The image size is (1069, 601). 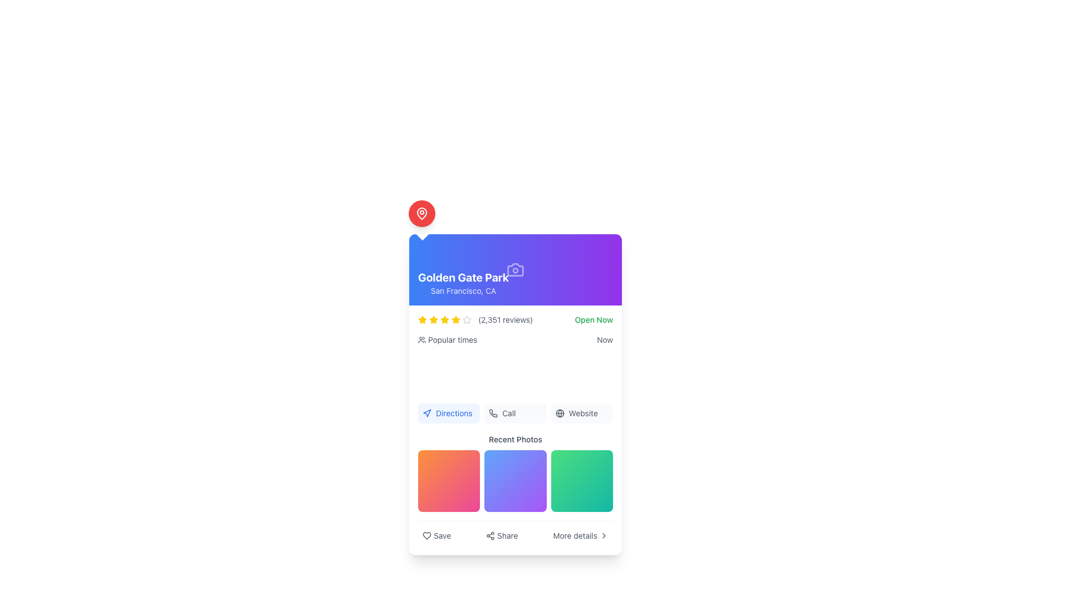 What do you see at coordinates (463, 277) in the screenshot?
I see `the Text label that serves as the title or identifier of the location, positioned at the top of the card-like component and aligned to the left above the subtitle 'San Francisco, CA'` at bounding box center [463, 277].